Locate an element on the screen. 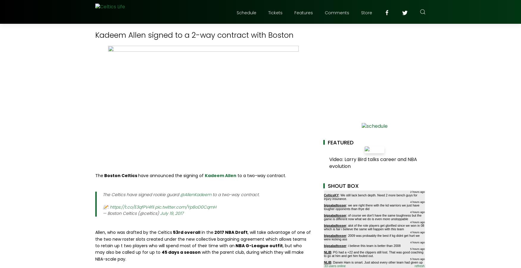  'Allen, who was drafted by the Celtics' is located at coordinates (95, 232).